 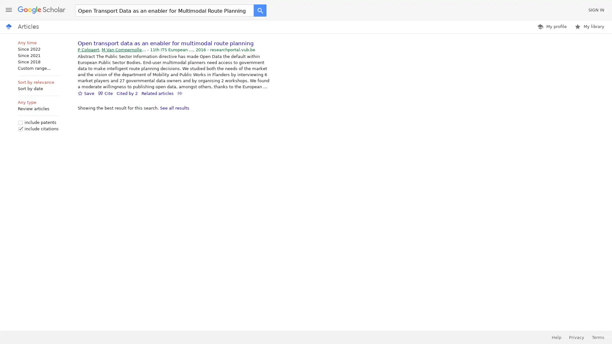 I want to click on Save, so click(x=85, y=93).